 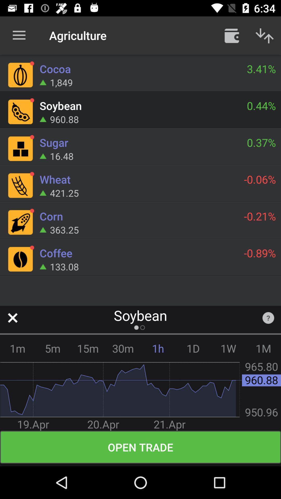 What do you see at coordinates (268, 318) in the screenshot?
I see `help button` at bounding box center [268, 318].